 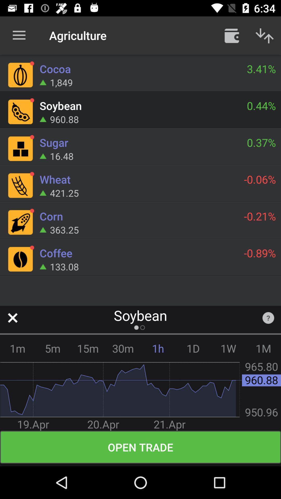 What do you see at coordinates (268, 318) in the screenshot?
I see `help button` at bounding box center [268, 318].